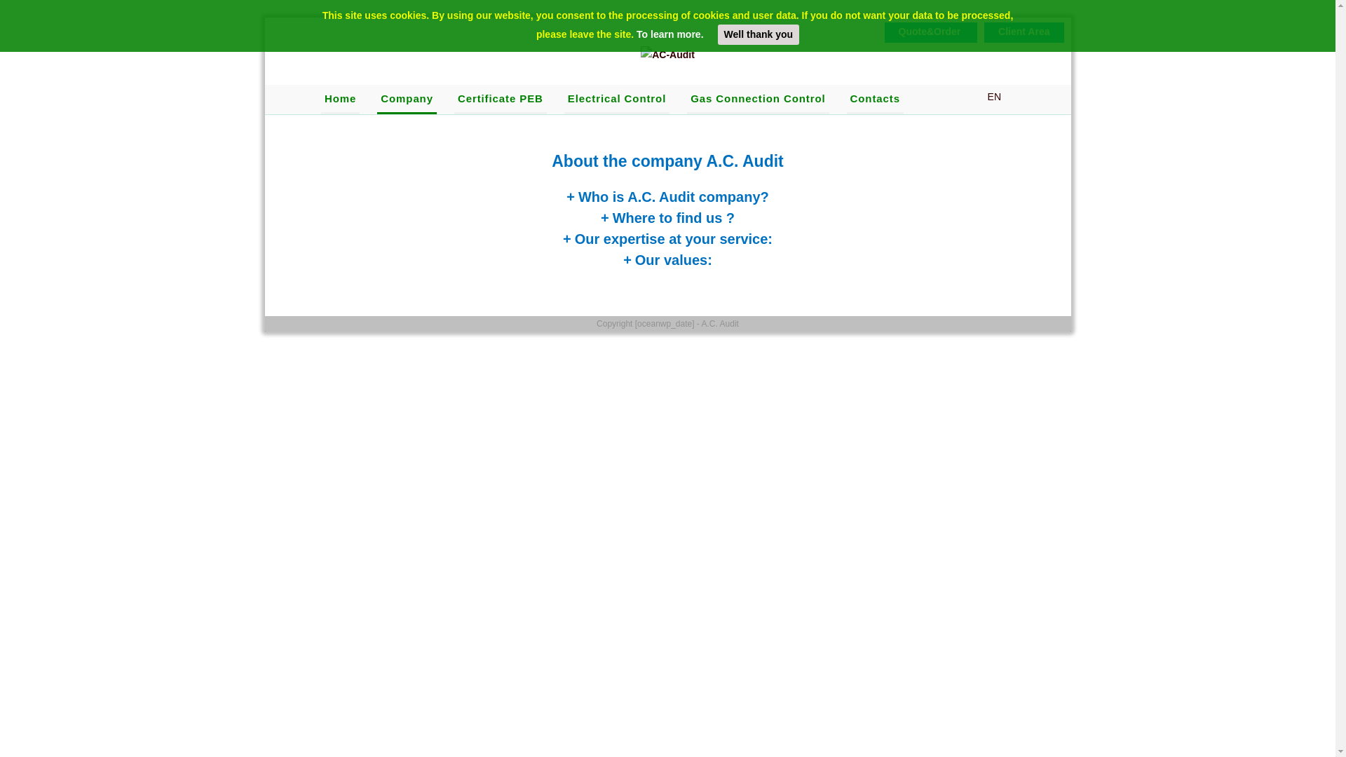  I want to click on 'To learn more.', so click(635, 34).